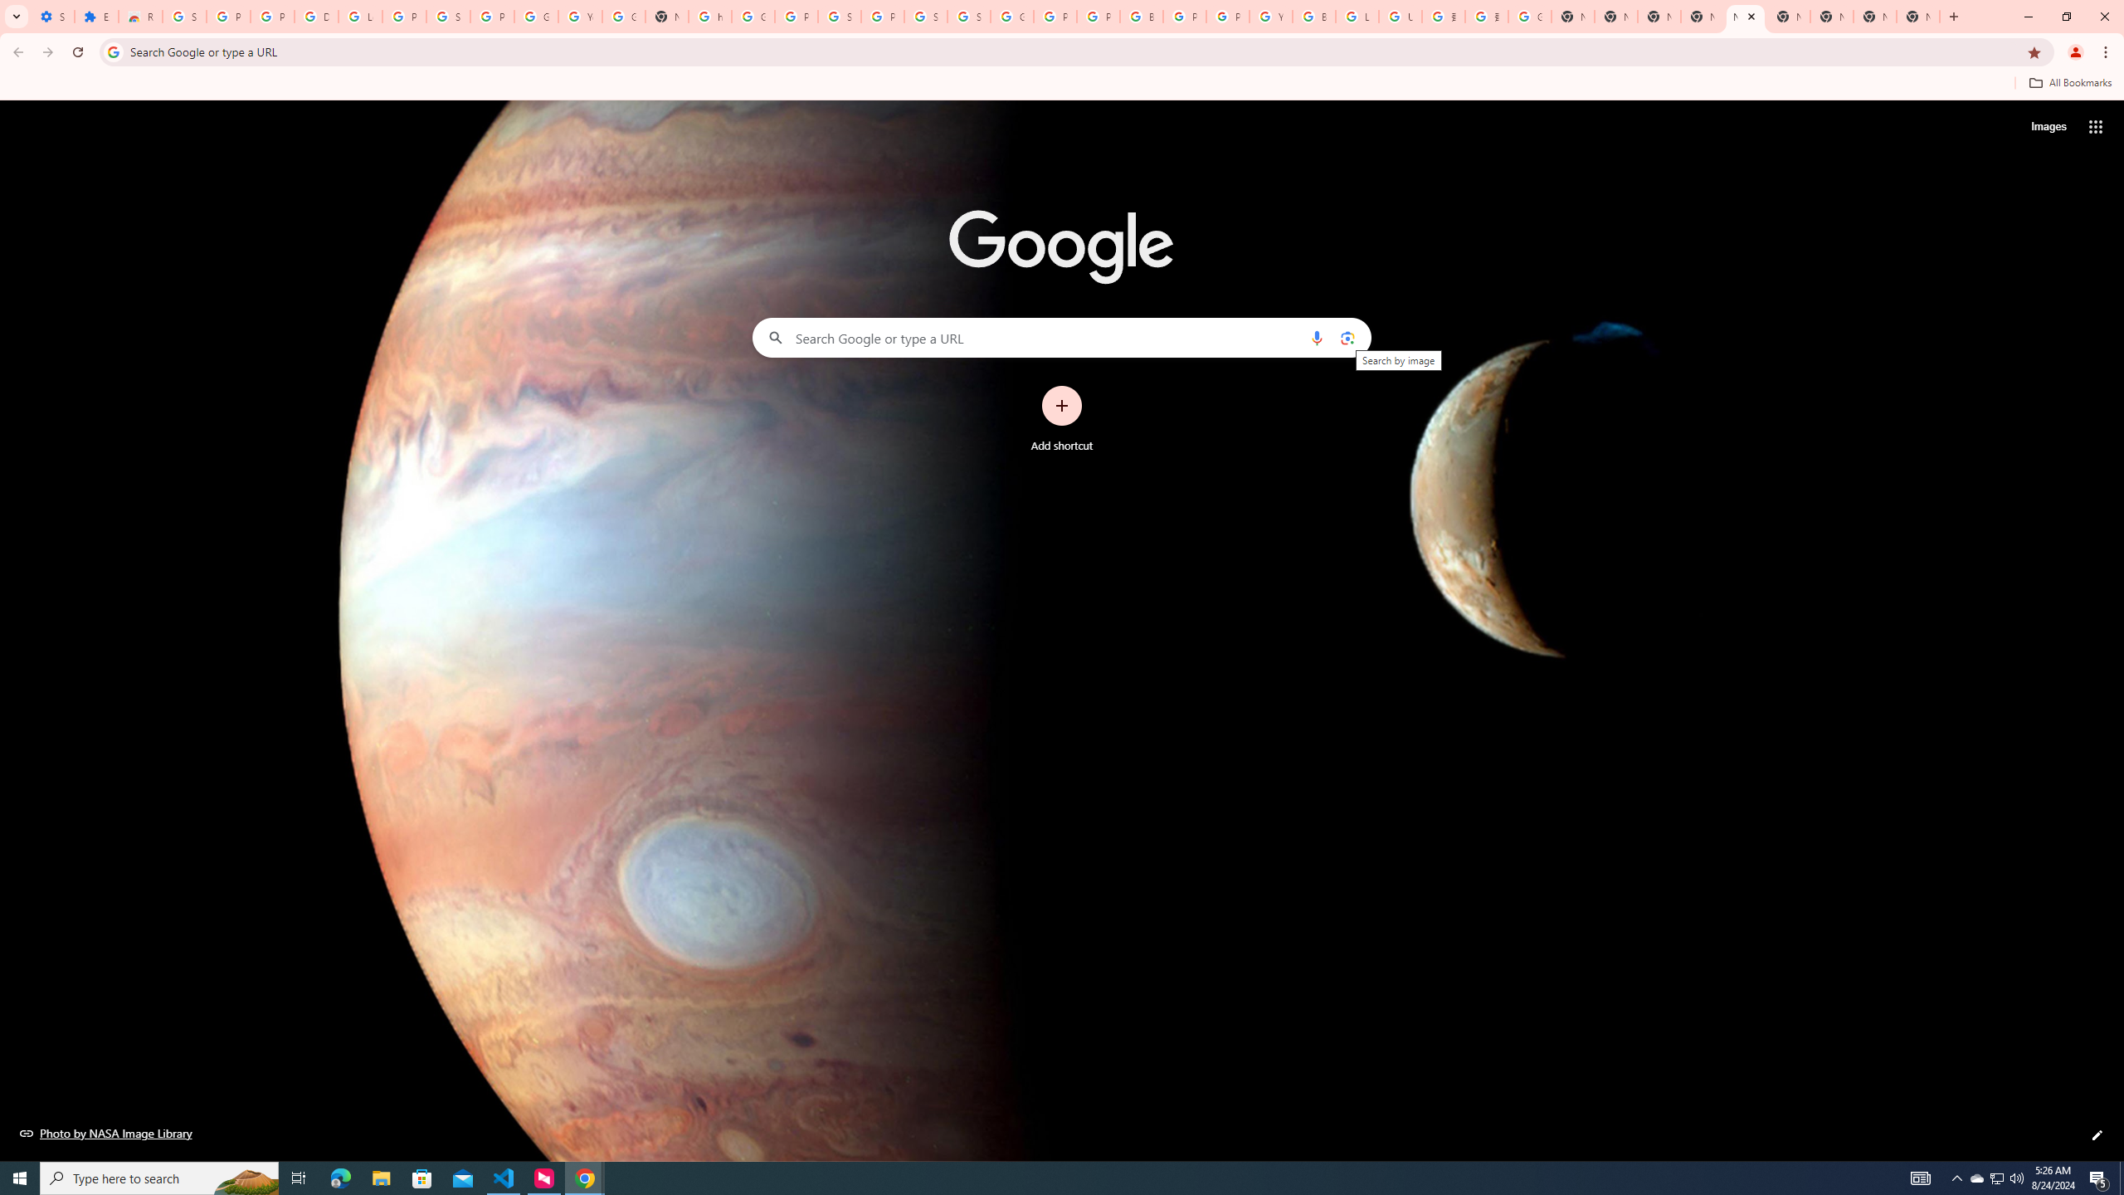 This screenshot has width=2124, height=1195. I want to click on 'All Bookmarks', so click(2069, 82).